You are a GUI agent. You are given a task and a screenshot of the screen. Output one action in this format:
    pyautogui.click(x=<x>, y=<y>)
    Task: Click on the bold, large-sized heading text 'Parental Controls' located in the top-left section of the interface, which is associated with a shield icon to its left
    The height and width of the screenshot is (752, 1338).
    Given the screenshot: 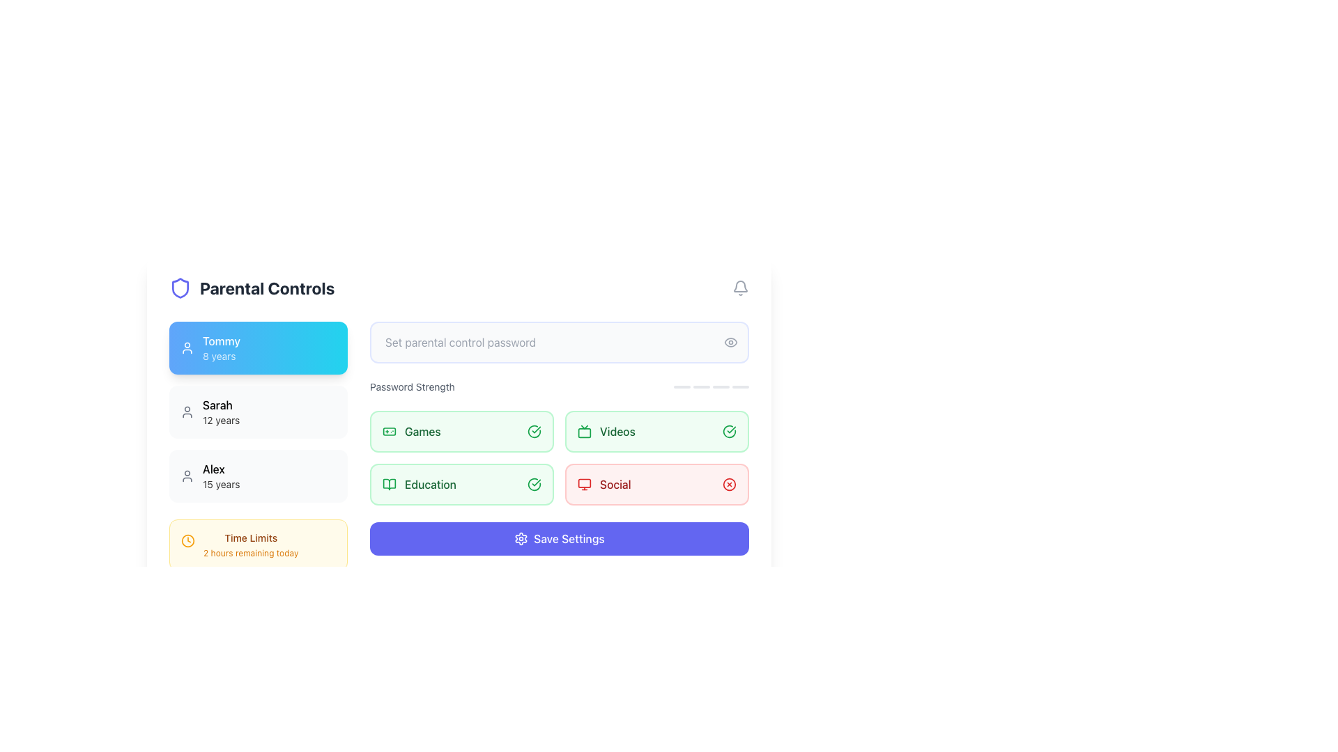 What is the action you would take?
    pyautogui.click(x=267, y=287)
    